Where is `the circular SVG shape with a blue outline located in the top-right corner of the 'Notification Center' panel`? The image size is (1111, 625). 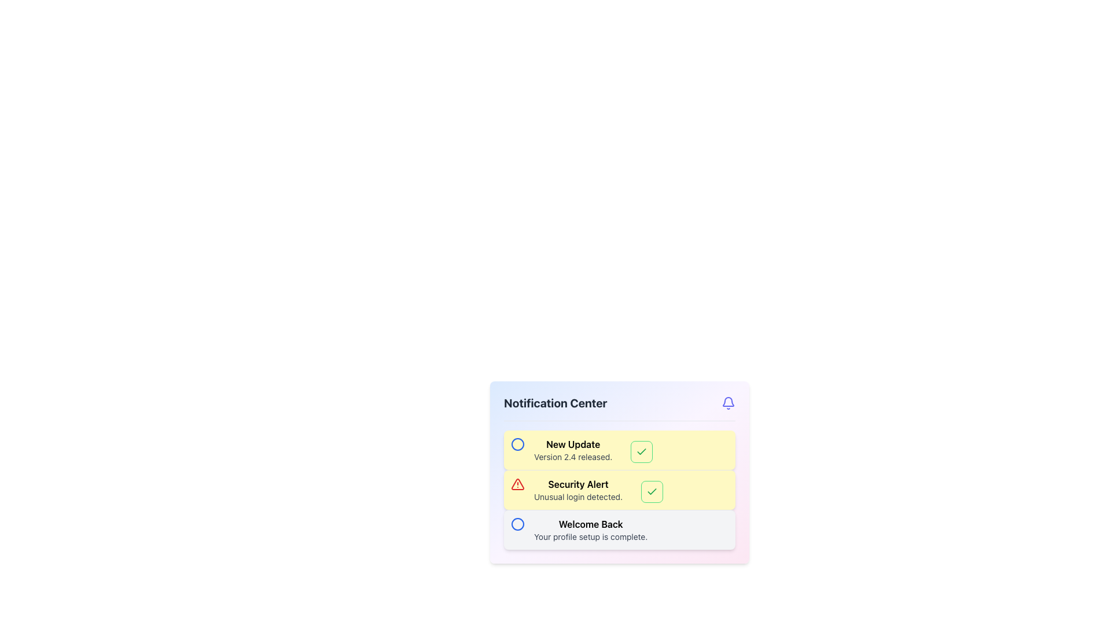
the circular SVG shape with a blue outline located in the top-right corner of the 'Notification Center' panel is located at coordinates (517, 443).